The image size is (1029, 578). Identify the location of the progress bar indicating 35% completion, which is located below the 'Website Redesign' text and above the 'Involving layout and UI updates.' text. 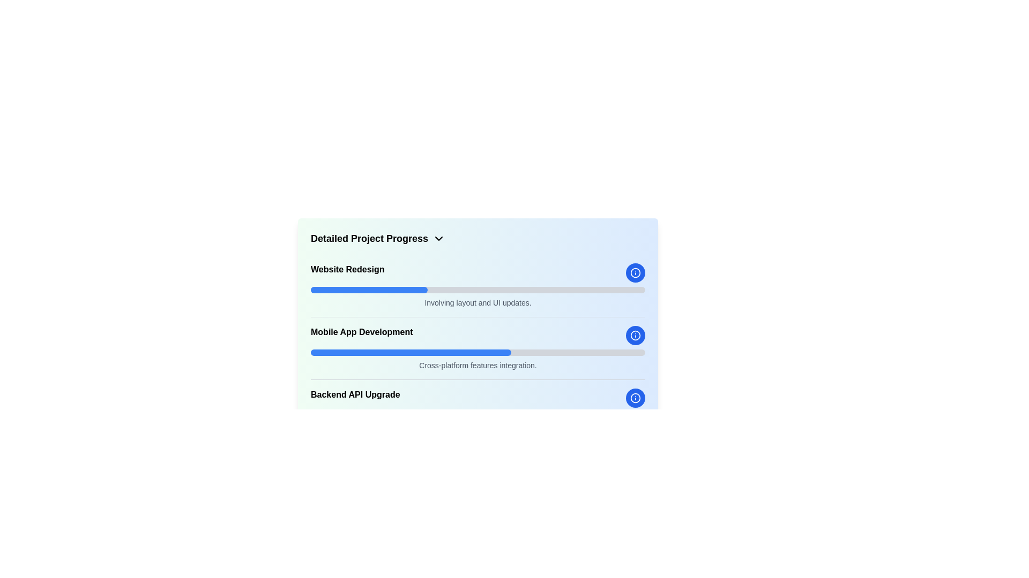
(478, 290).